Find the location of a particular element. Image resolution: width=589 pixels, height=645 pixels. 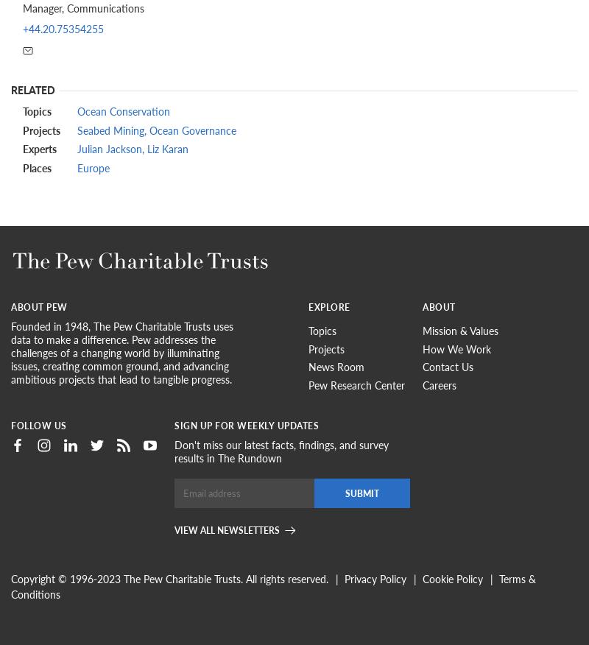

'ABOUT PEW' is located at coordinates (38, 307).